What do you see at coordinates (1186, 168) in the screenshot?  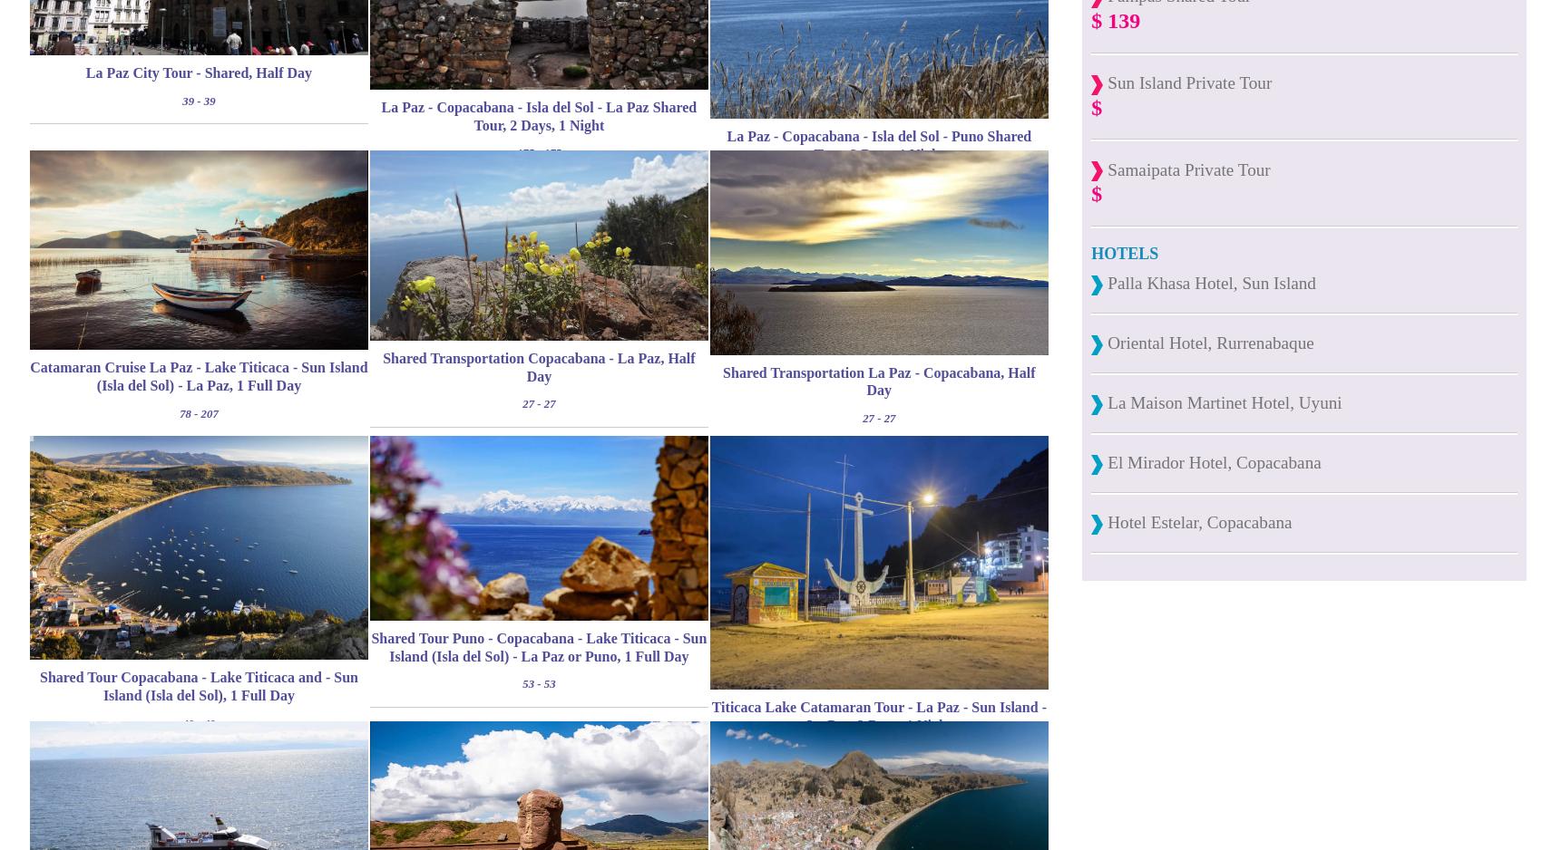 I see `'Samaipata Private Tour'` at bounding box center [1186, 168].